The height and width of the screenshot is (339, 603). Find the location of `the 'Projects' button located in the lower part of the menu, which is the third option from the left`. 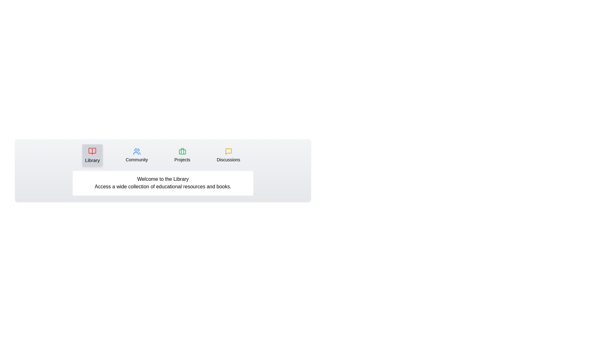

the 'Projects' button located in the lower part of the menu, which is the third option from the left is located at coordinates (182, 155).